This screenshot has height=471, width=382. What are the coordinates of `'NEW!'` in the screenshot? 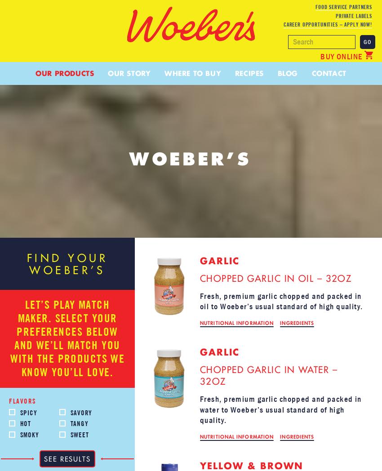 It's located at (257, 95).